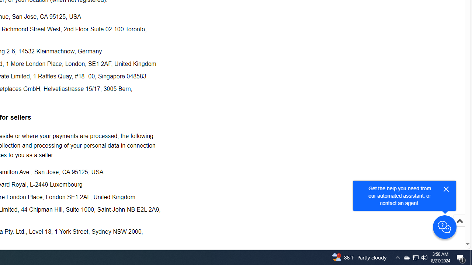 The height and width of the screenshot is (265, 472). I want to click on 'Scroll to top', so click(459, 220).